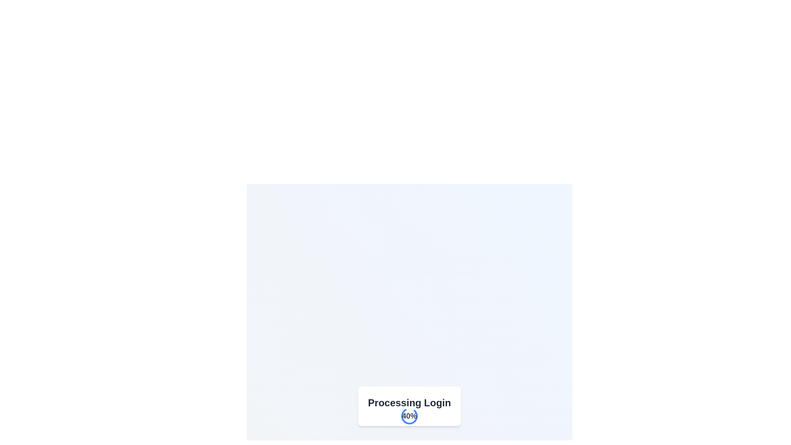 The image size is (791, 445). Describe the element at coordinates (409, 416) in the screenshot. I see `the text label displaying the current completion percentage, which is located at the center of a circular progress indicator below the 'Processing Login' label` at that location.